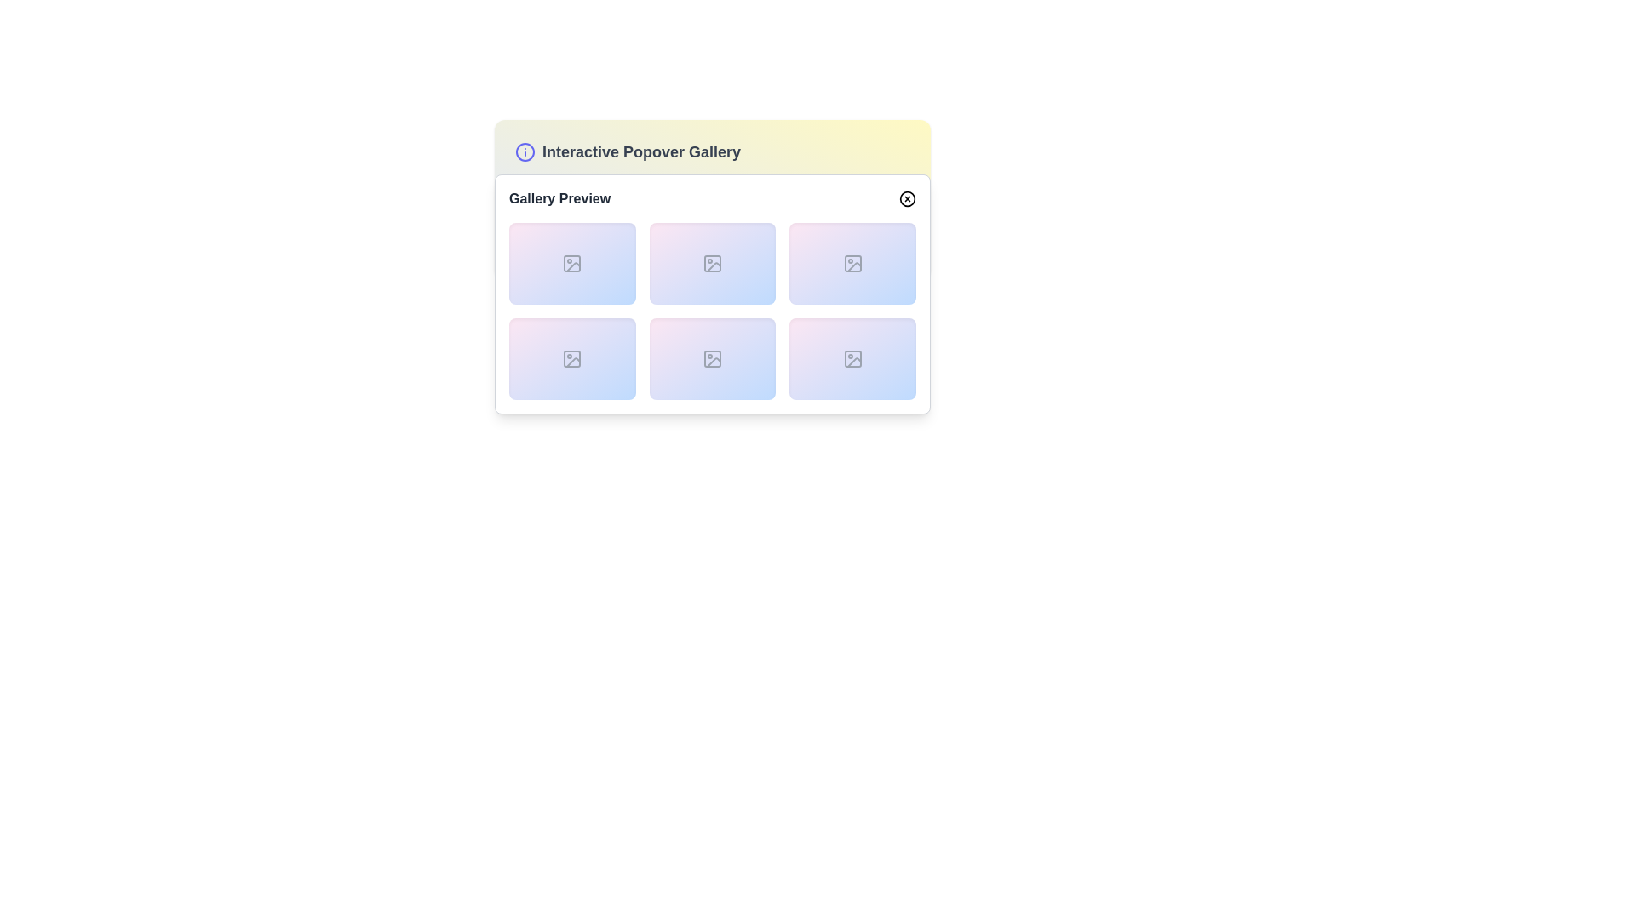 This screenshot has width=1635, height=919. What do you see at coordinates (525, 151) in the screenshot?
I see `the non-interactive ellipse or circle element, part of the SVG icon, located to the left of the 'Interactive Popover Gallery' title` at bounding box center [525, 151].